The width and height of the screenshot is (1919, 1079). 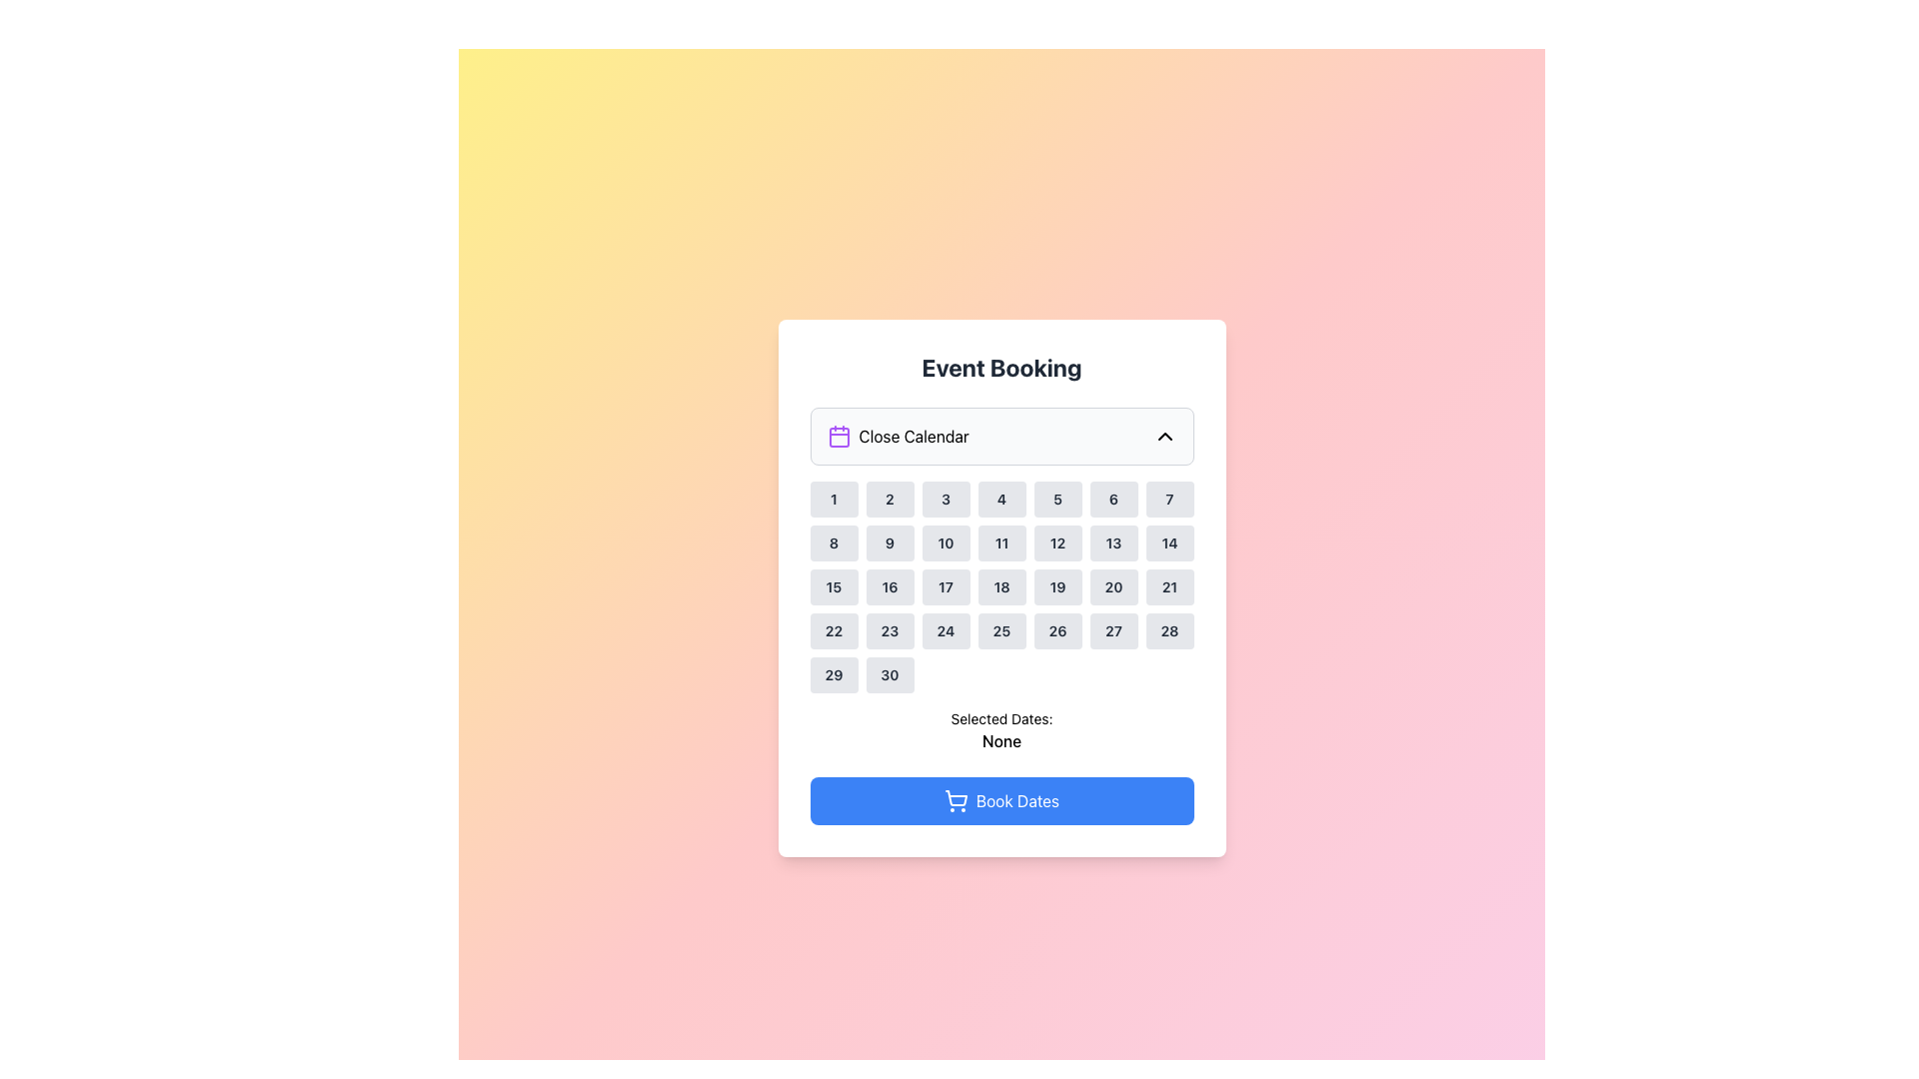 I want to click on the button labeled '24' in the date picker interface, so click(x=945, y=631).